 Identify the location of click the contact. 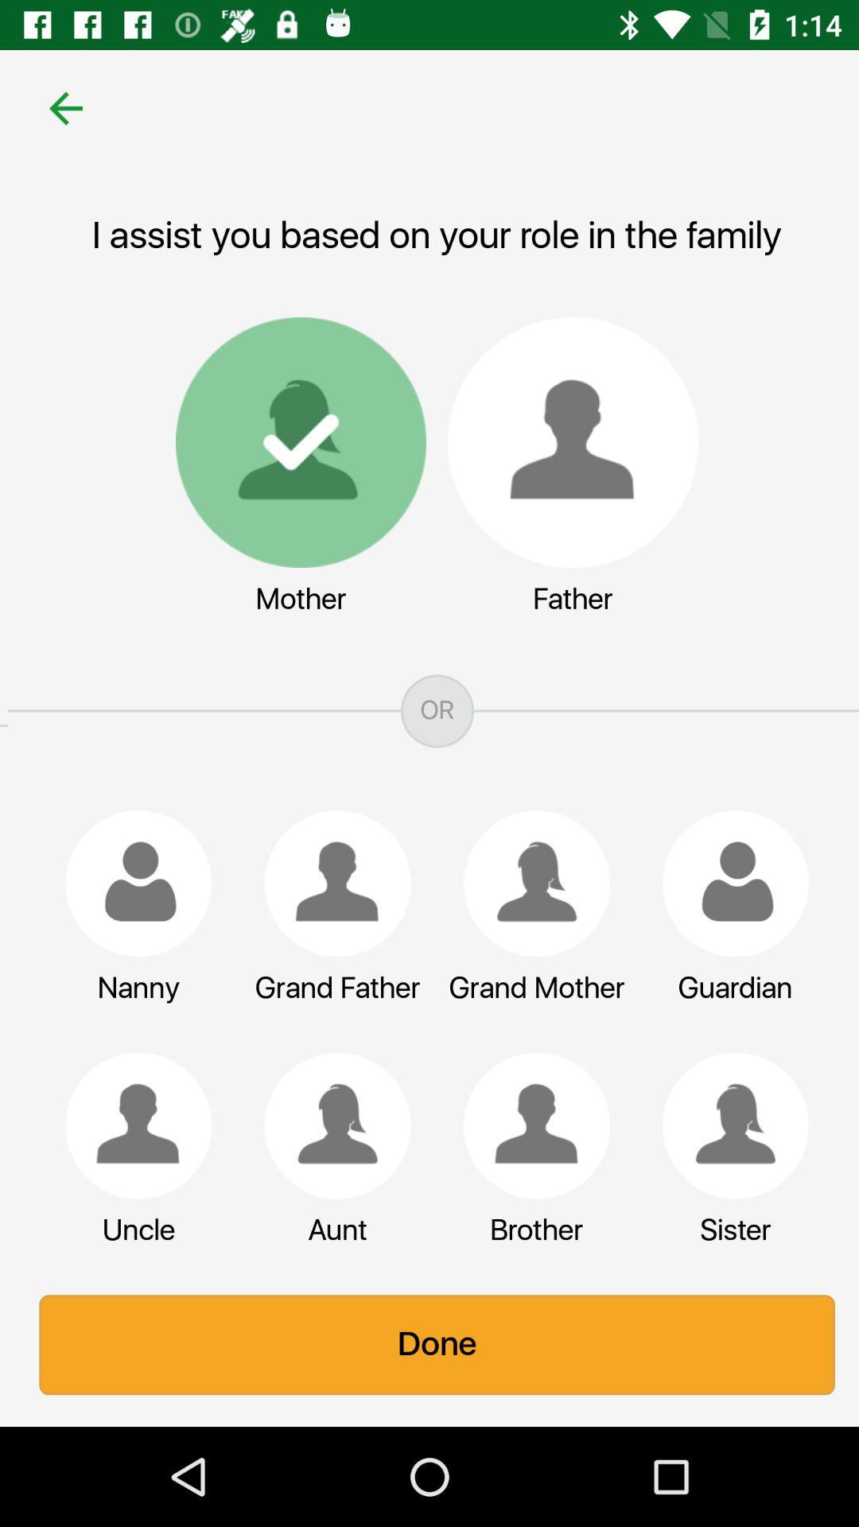
(329, 883).